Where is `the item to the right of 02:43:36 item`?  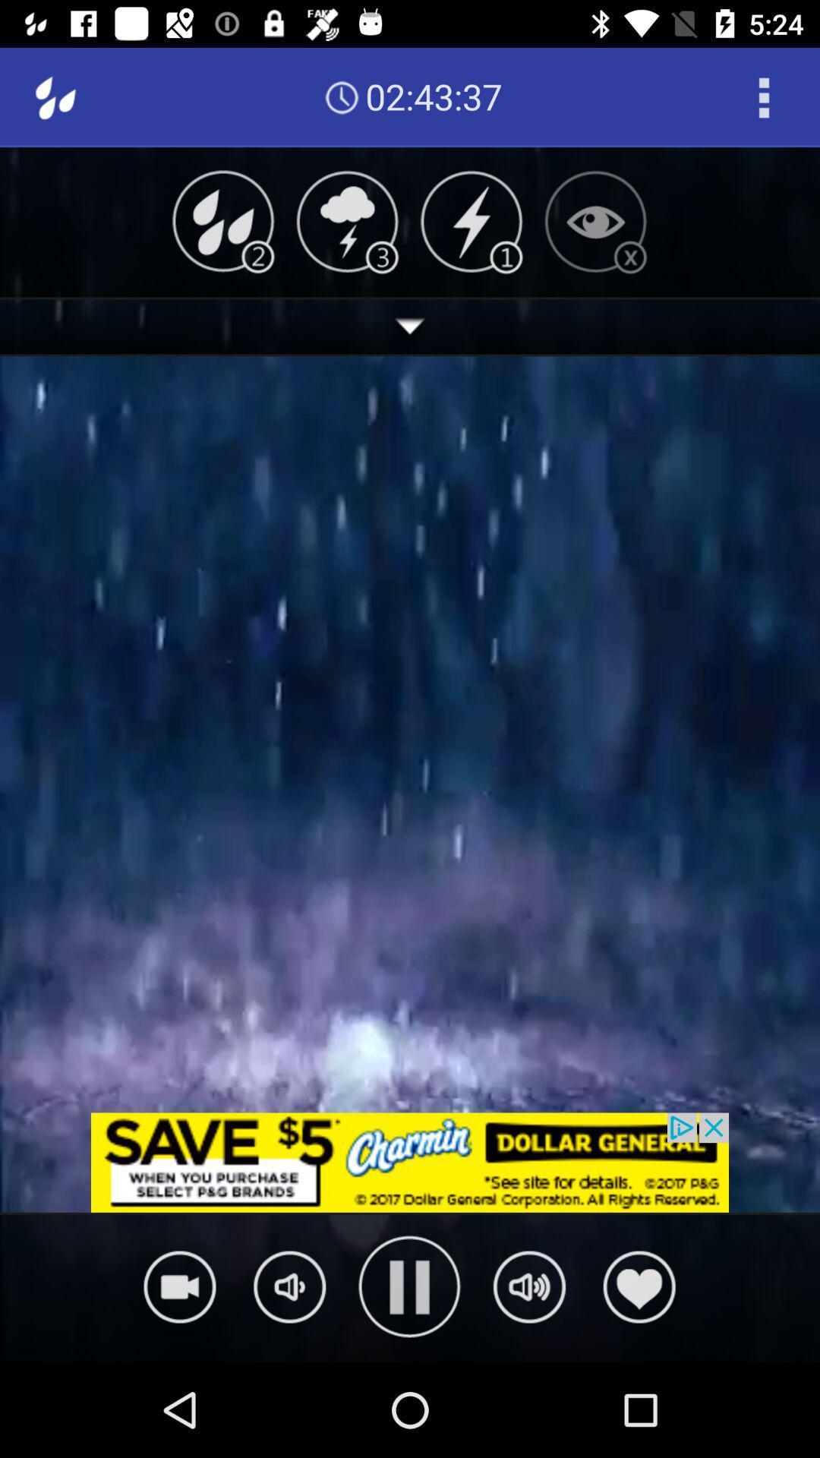
the item to the right of 02:43:36 item is located at coordinates (764, 96).